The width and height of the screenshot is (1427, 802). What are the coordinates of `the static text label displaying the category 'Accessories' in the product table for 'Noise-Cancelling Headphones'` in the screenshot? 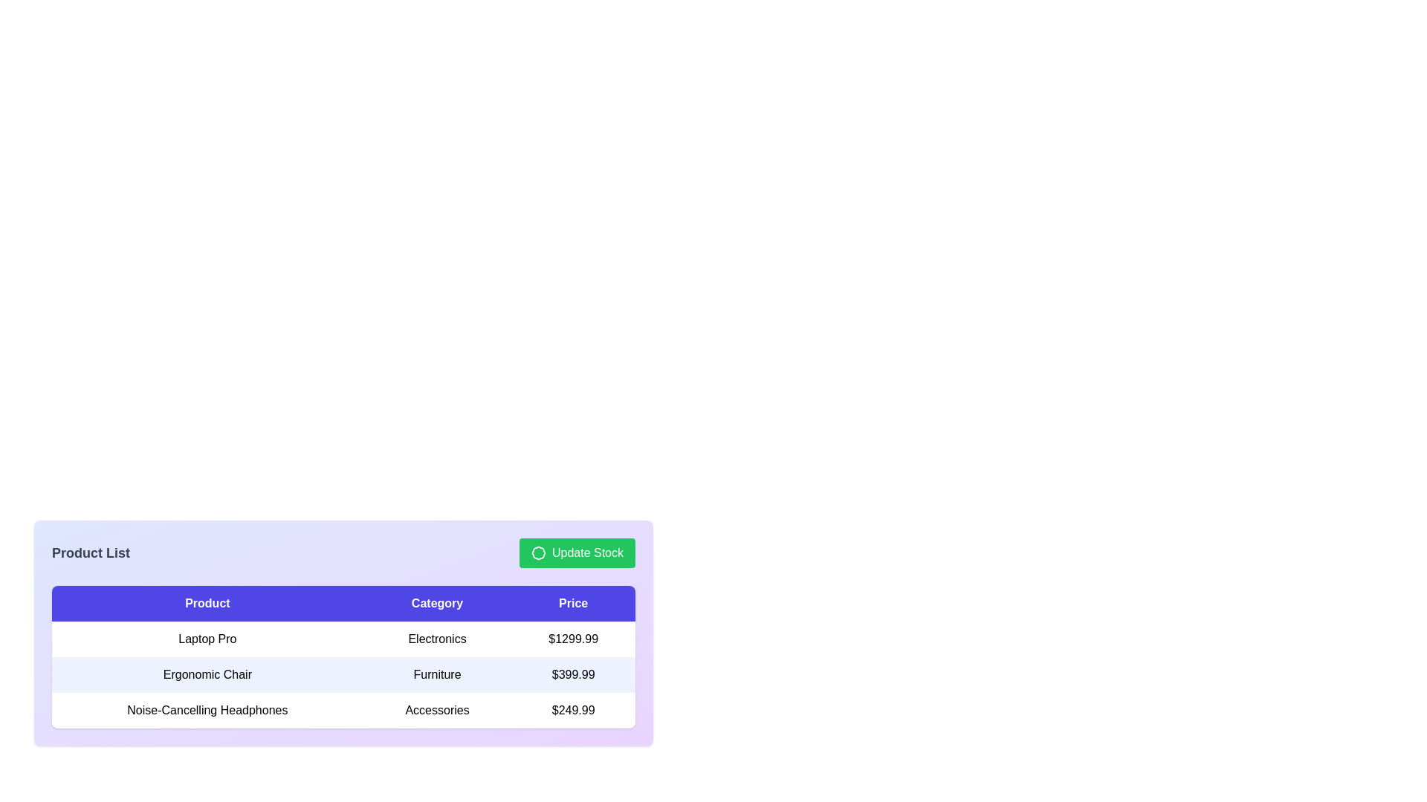 It's located at (436, 709).